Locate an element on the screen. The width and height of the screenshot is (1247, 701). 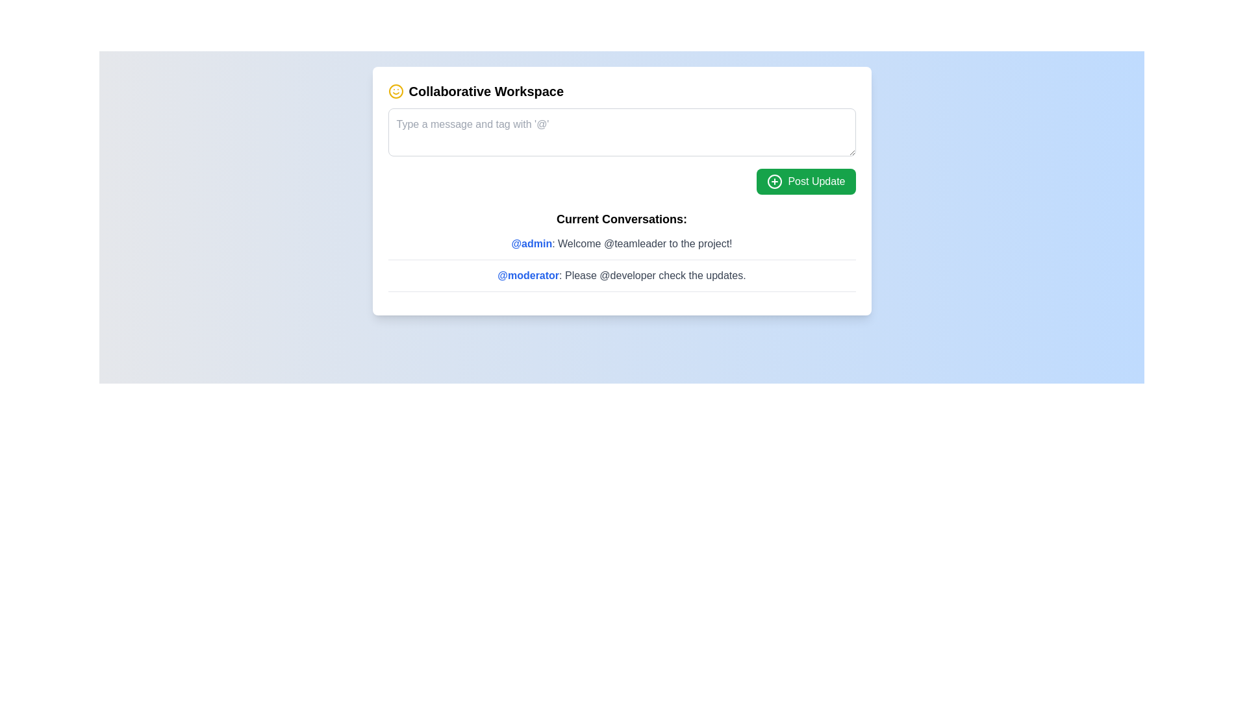
the green 'Post Update' button with rounded corners and a plus sign icon to post an update is located at coordinates (805, 182).